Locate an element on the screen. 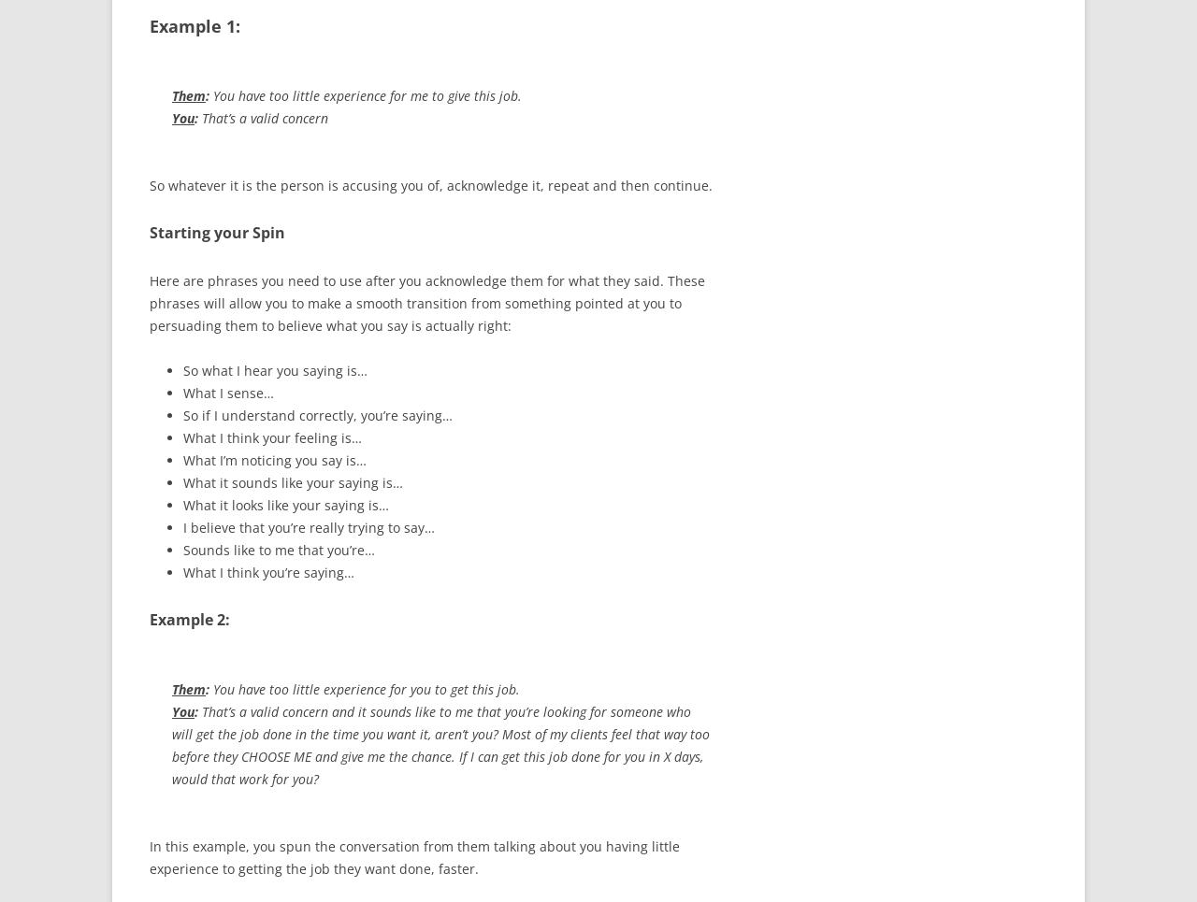  'That’s a valid concern and it sounds like to me that you’re looking for someone who will get the job done in the time you want it, aren’t you? Most of my clients feel that way too before they CHOOSE ME and give me the chance.  If I can get this job done for you in X days, would that work for you?' is located at coordinates (440, 745).